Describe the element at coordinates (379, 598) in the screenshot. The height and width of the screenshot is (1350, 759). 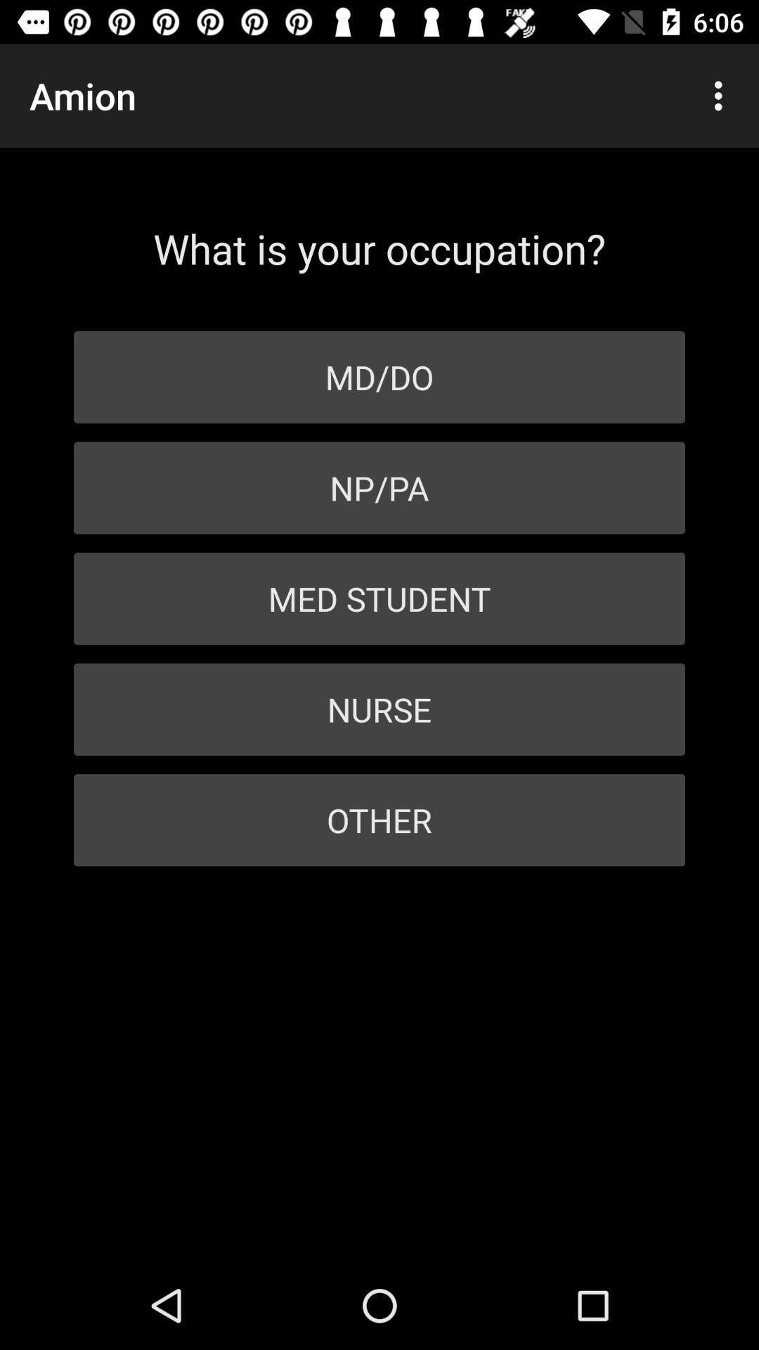
I see `med student item` at that location.